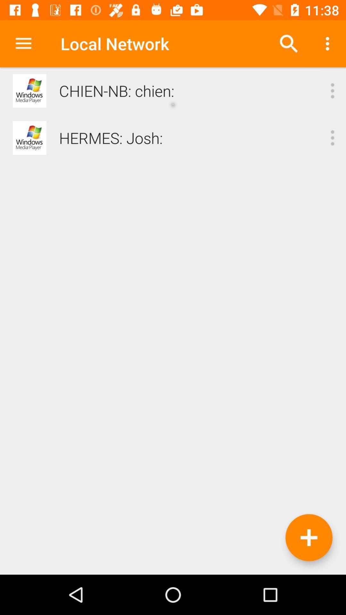 This screenshot has height=615, width=346. Describe the element at coordinates (332, 137) in the screenshot. I see `to click more option` at that location.